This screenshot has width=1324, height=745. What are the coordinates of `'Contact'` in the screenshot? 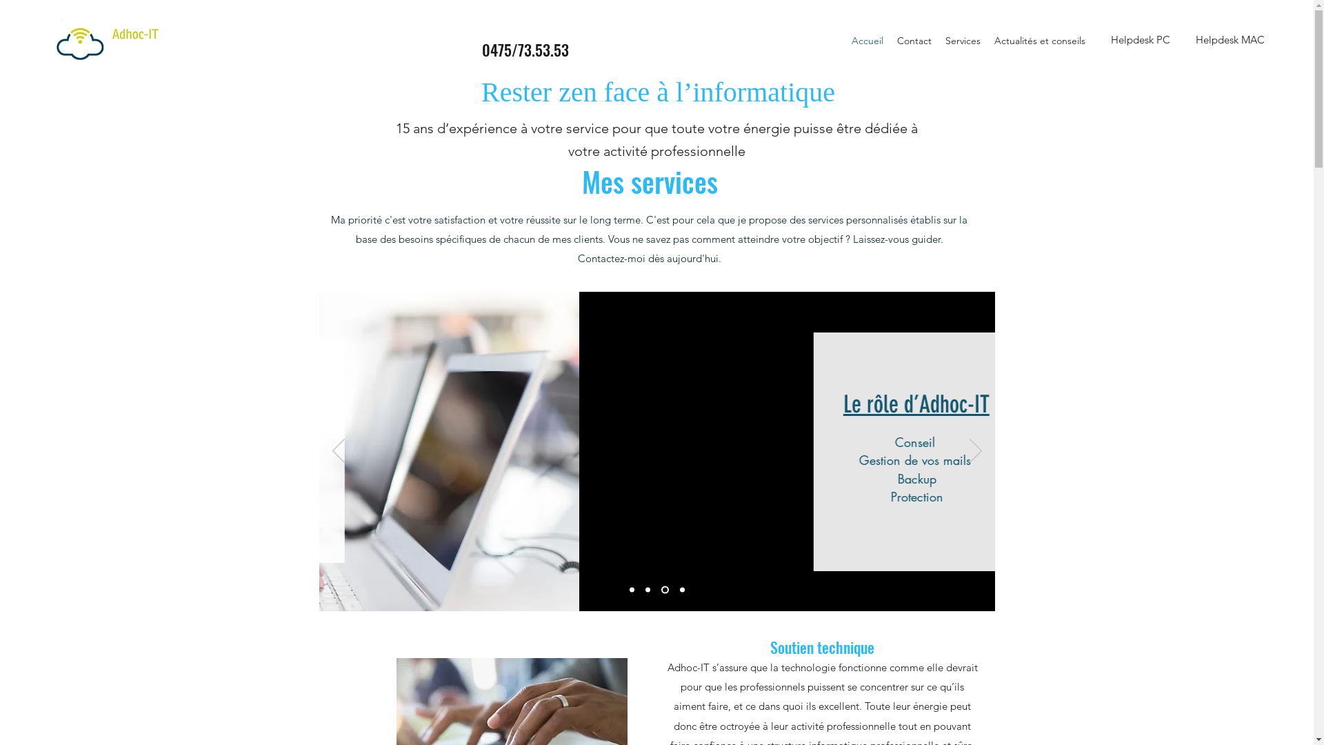 It's located at (890, 39).